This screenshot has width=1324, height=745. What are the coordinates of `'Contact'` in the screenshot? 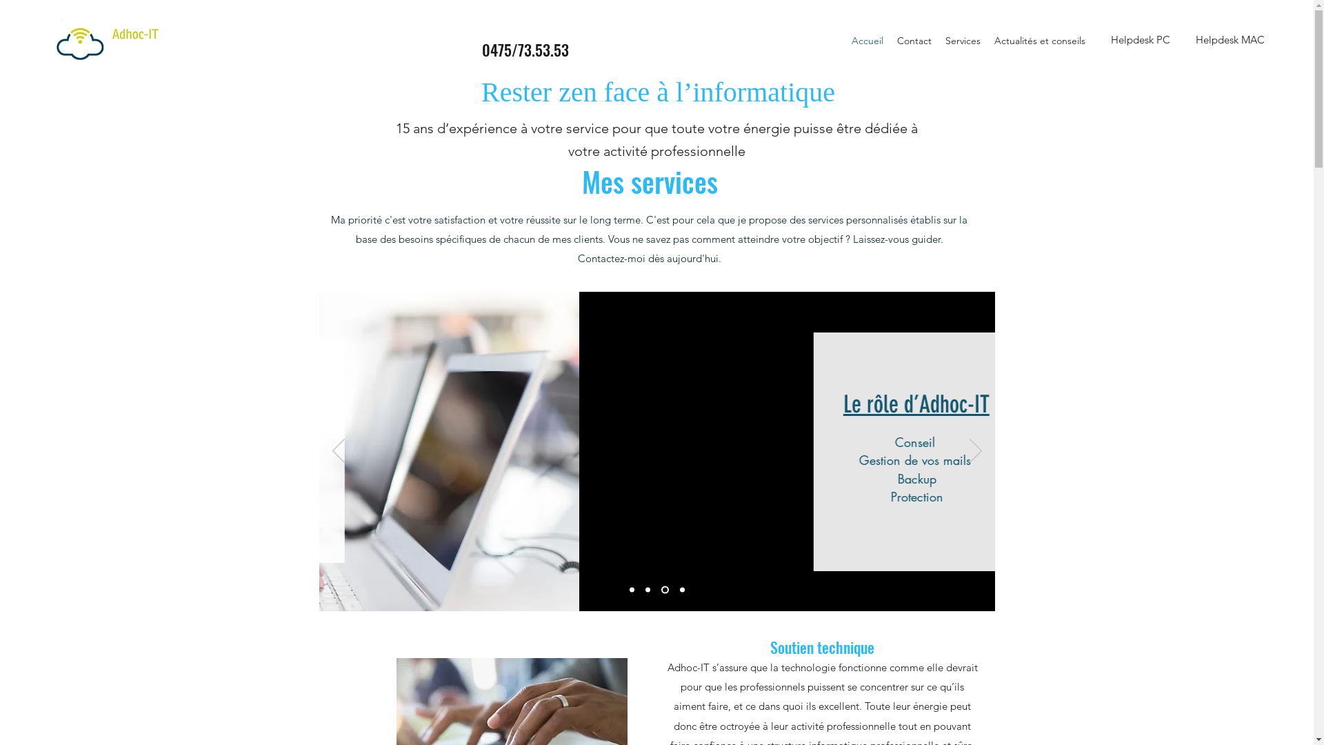 It's located at (890, 39).